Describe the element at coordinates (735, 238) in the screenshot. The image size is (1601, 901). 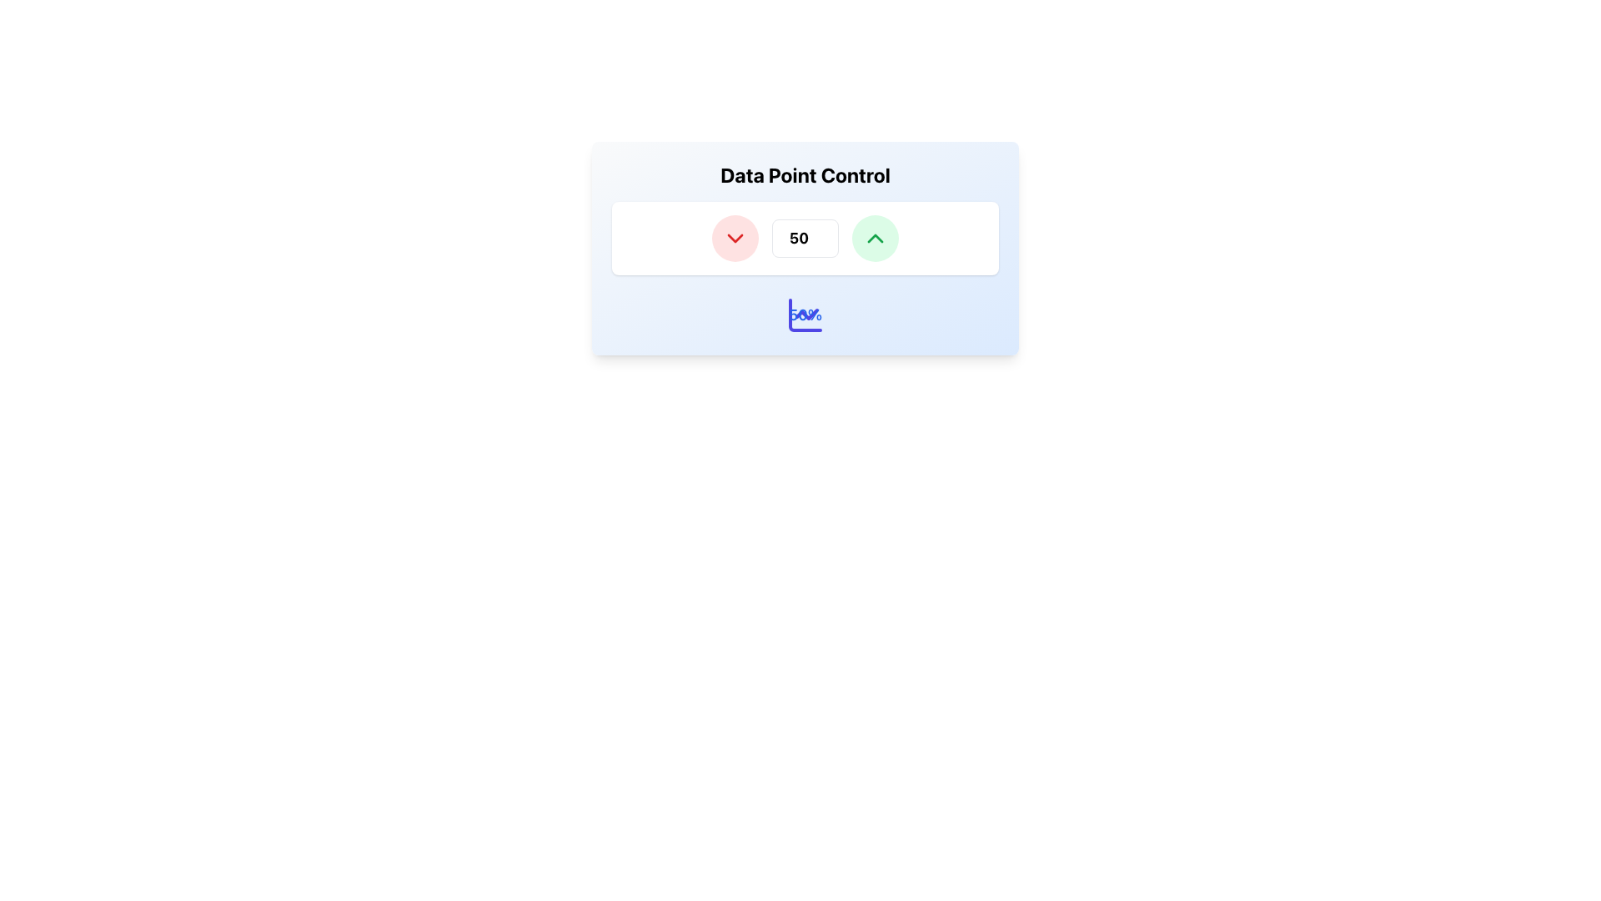
I see `the icon located in the top-right portion of the central control panel` at that location.